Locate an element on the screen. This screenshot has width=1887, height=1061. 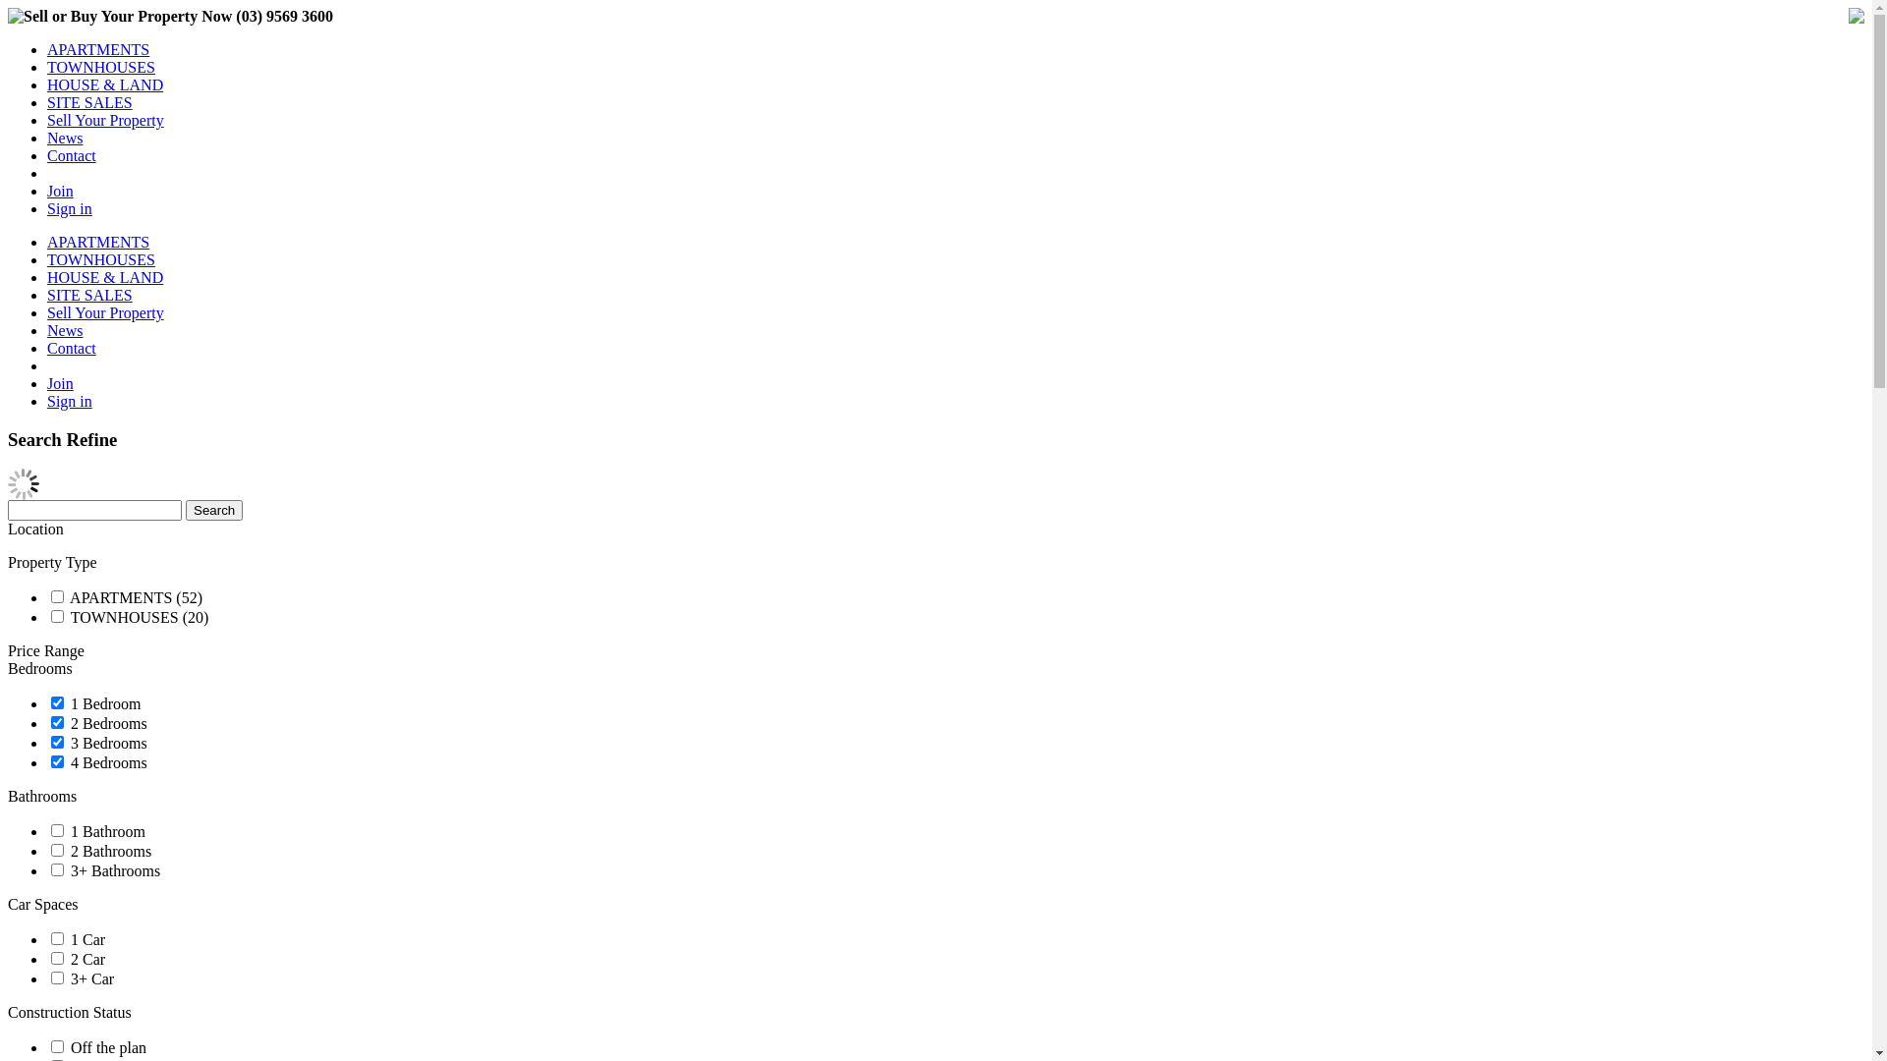
'Join' is located at coordinates (60, 191).